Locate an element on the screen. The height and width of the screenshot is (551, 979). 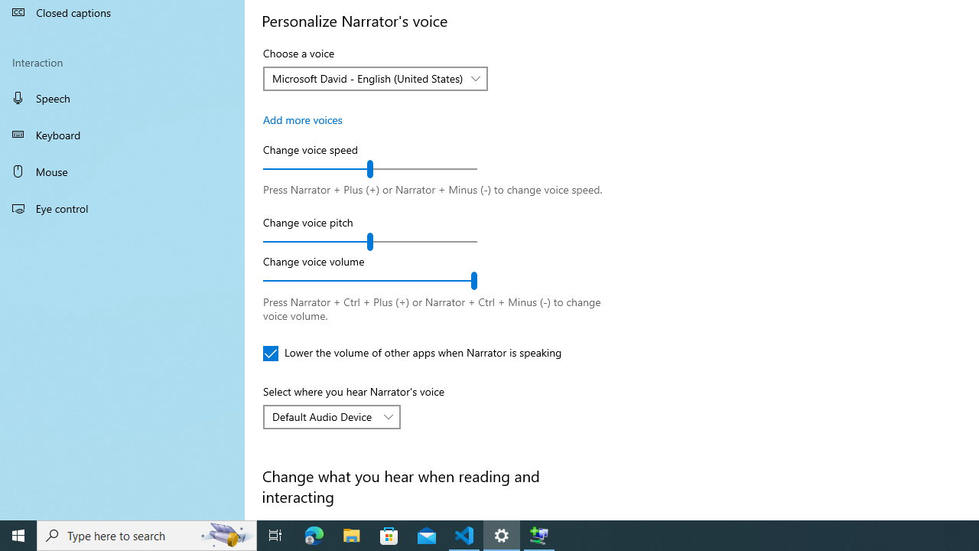
'Type here to search' is located at coordinates (147, 534).